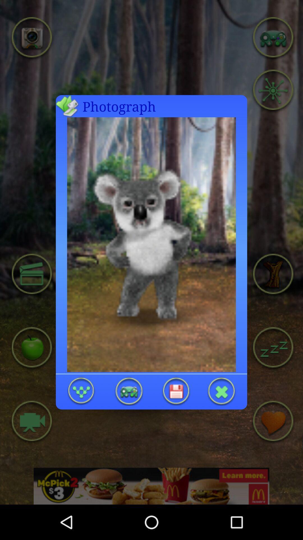 Image resolution: width=303 pixels, height=540 pixels. I want to click on save, so click(176, 391).